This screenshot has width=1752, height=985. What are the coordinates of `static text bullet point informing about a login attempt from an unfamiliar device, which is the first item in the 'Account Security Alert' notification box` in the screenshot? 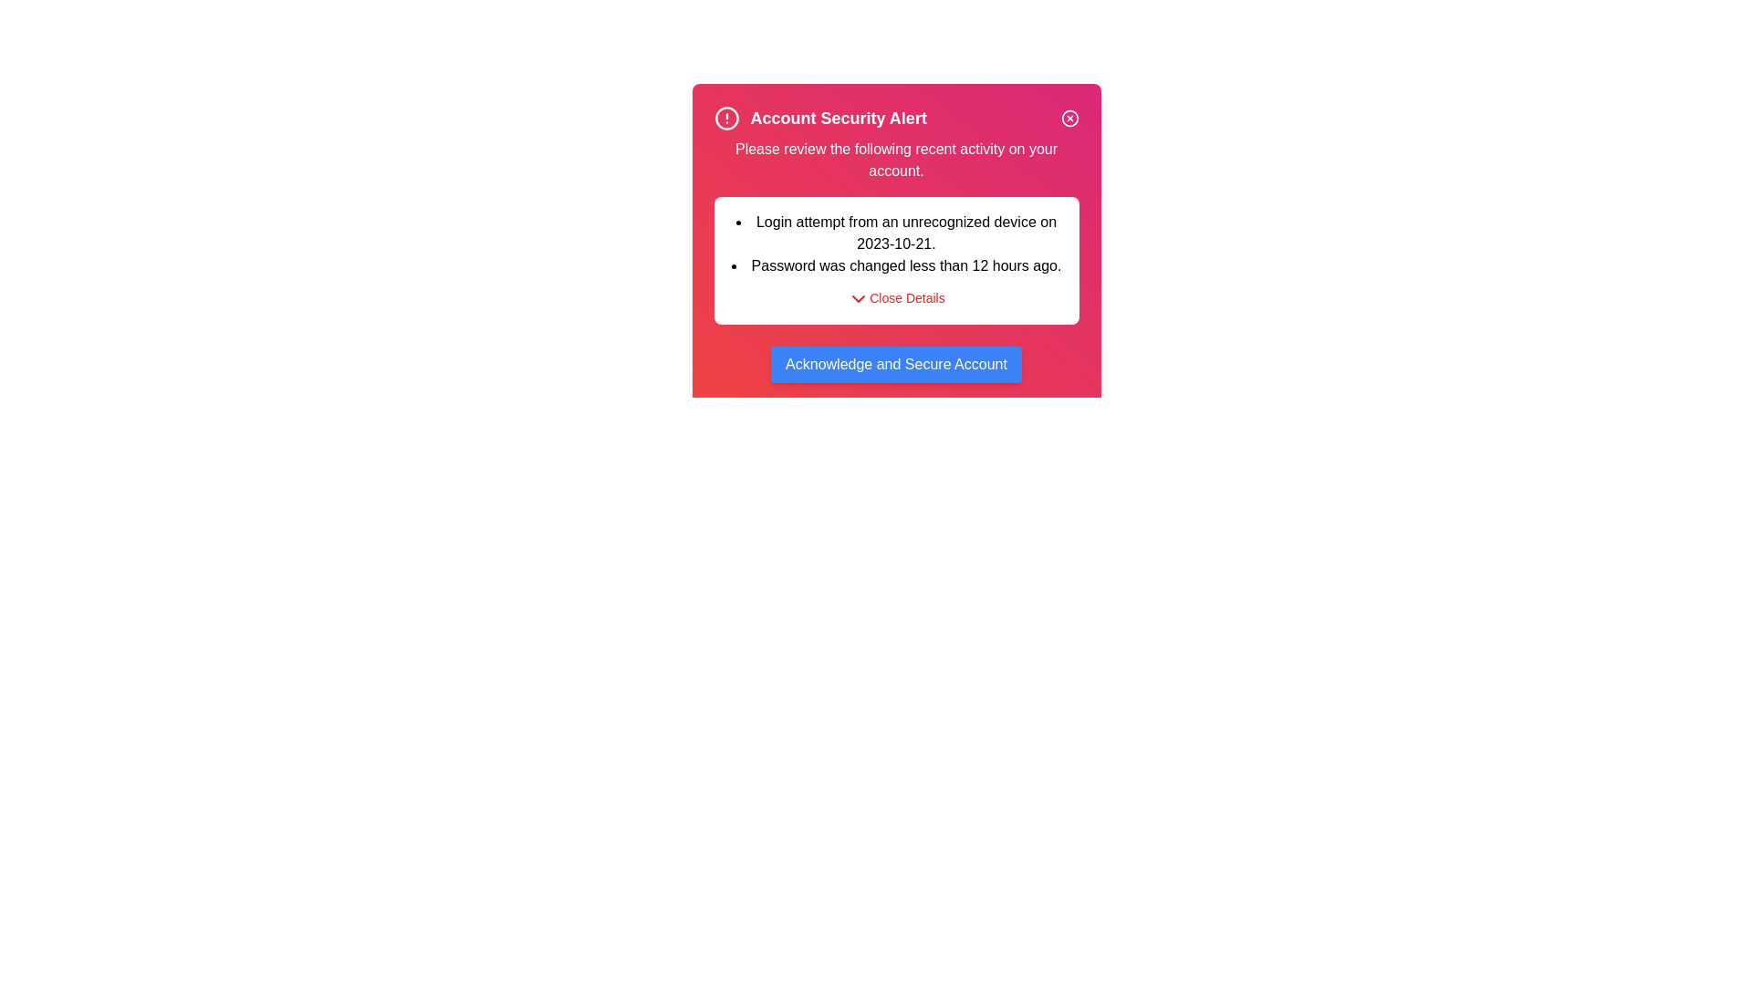 It's located at (896, 232).